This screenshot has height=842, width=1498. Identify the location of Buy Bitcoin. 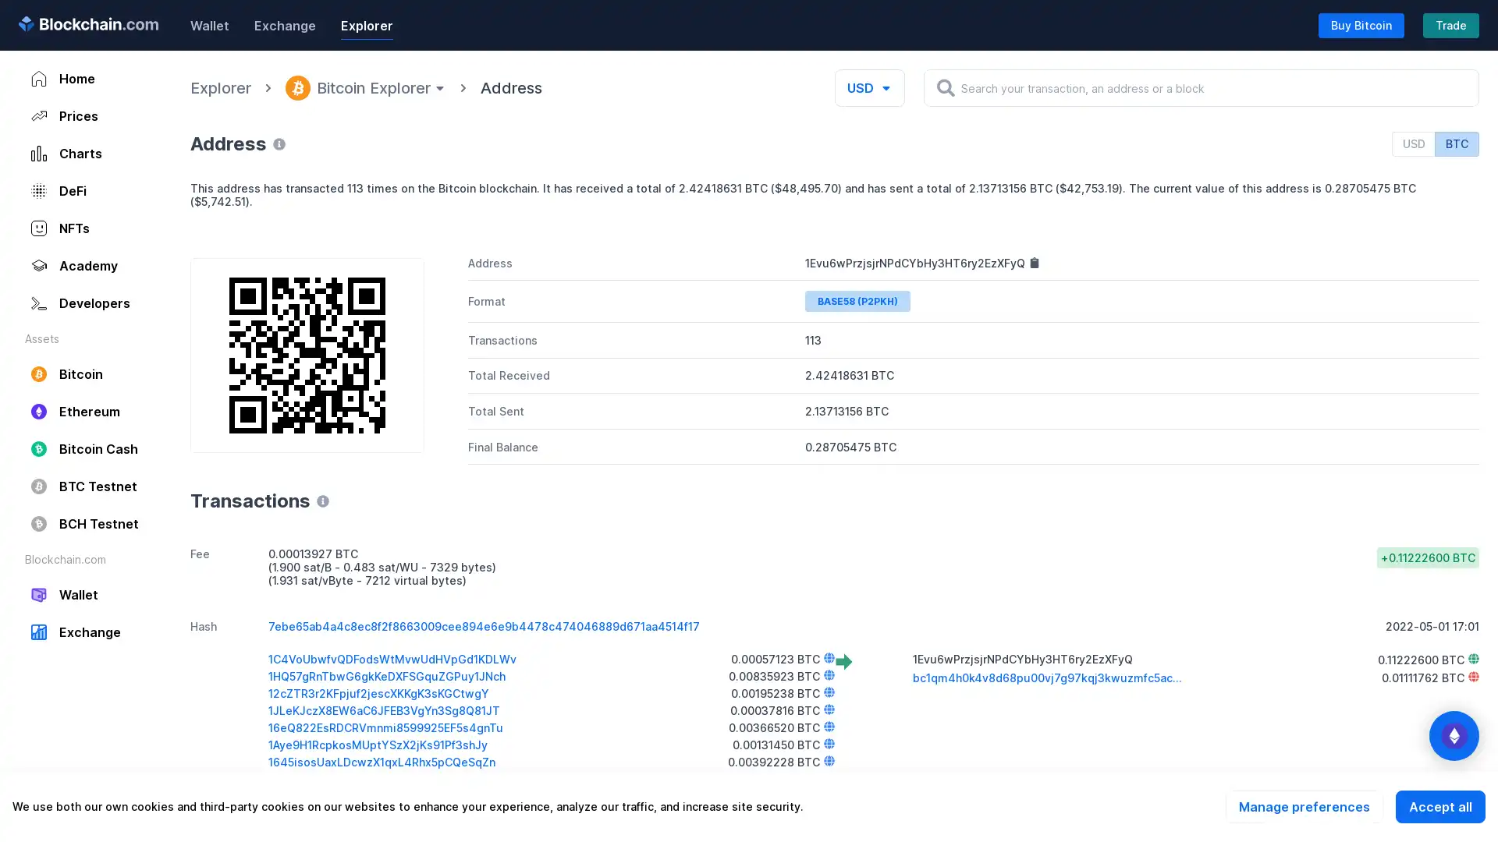
(1361, 24).